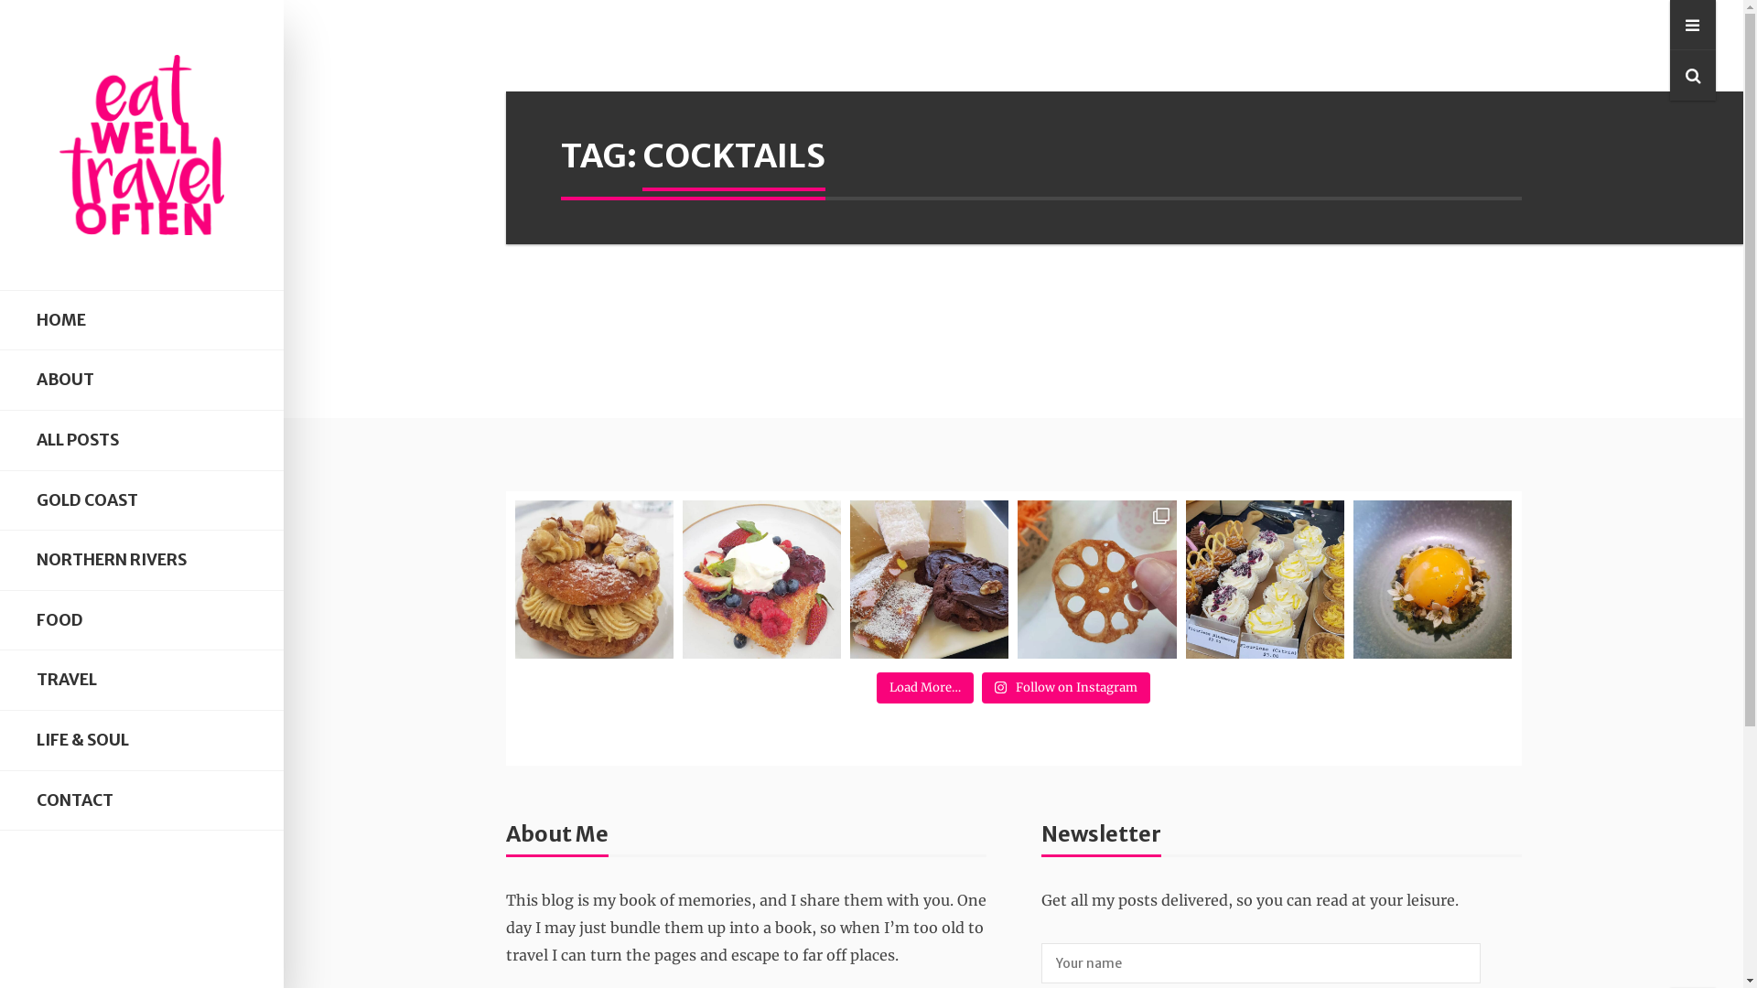 This screenshot has width=1757, height=988. What do you see at coordinates (140, 680) in the screenshot?
I see `'TRAVEL'` at bounding box center [140, 680].